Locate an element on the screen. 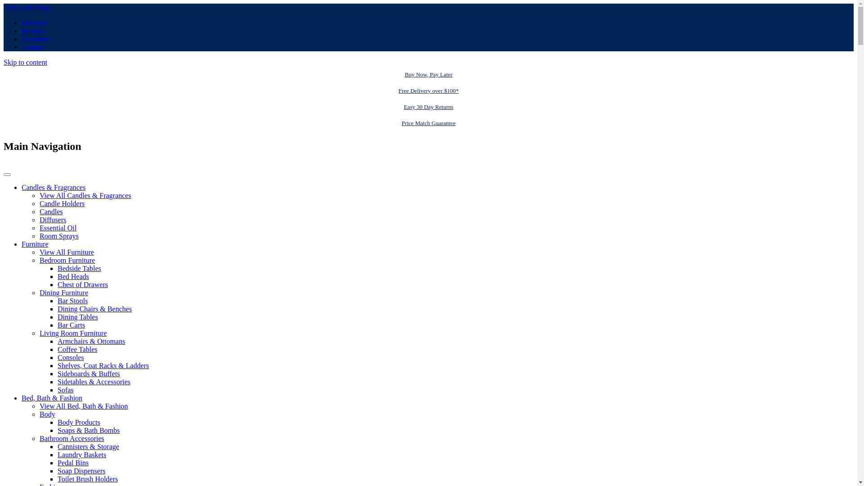 The image size is (864, 486). 'Price Match Guarantee' is located at coordinates (428, 123).